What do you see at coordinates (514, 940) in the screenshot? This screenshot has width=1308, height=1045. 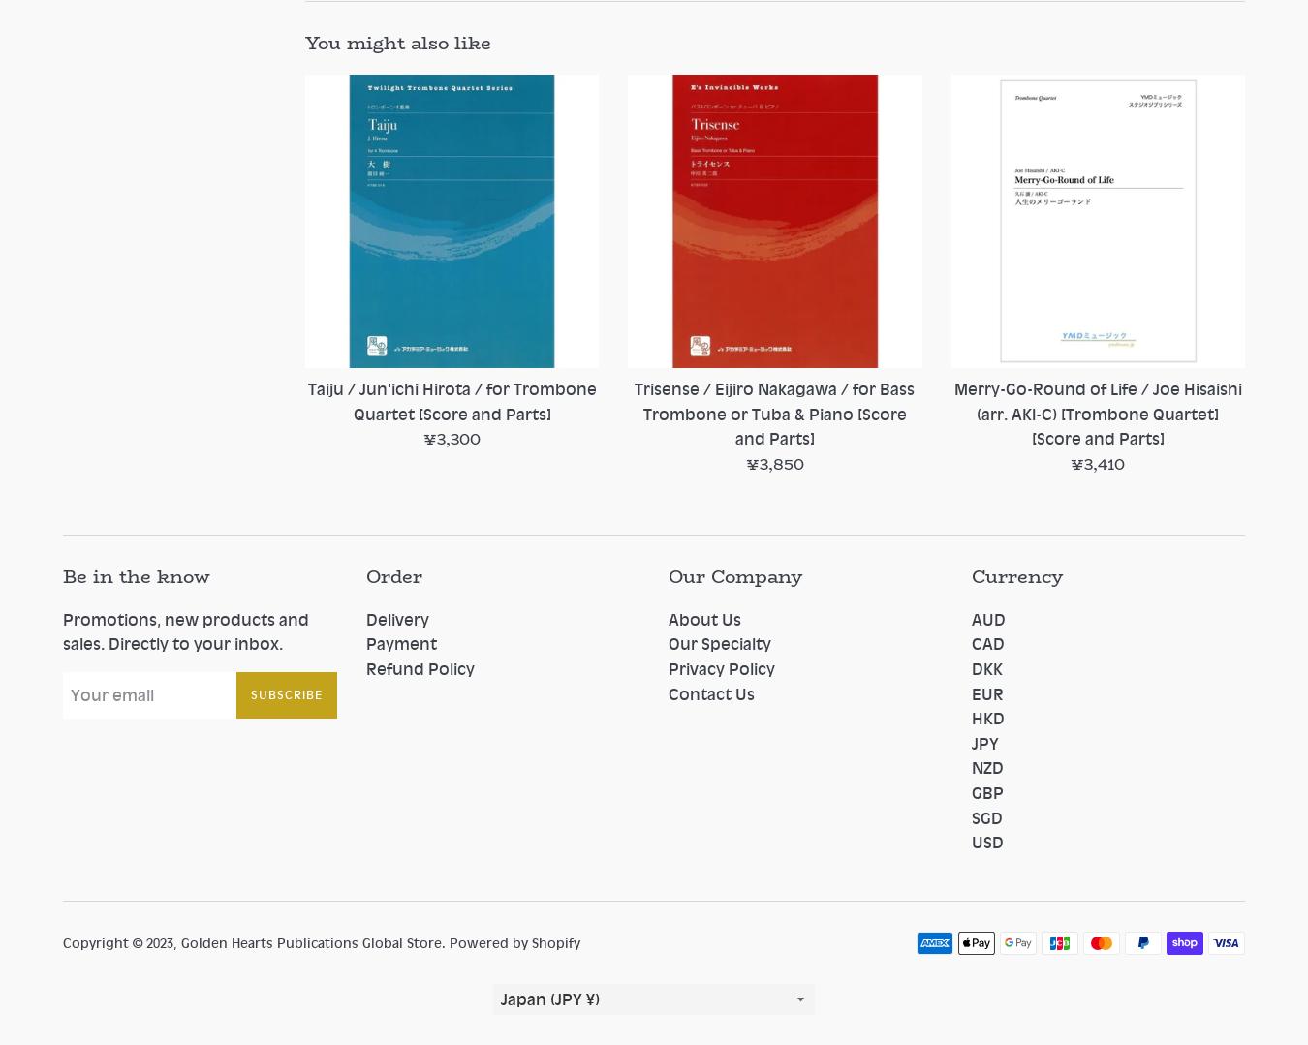 I see `'Powered by Shopify'` at bounding box center [514, 940].